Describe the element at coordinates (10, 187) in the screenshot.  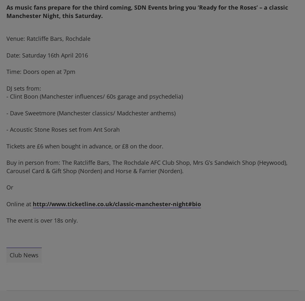
I see `'Or'` at that location.